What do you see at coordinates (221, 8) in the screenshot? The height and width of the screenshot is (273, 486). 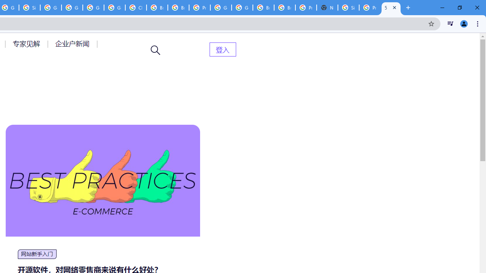 I see `'Google Cloud Platform'` at bounding box center [221, 8].